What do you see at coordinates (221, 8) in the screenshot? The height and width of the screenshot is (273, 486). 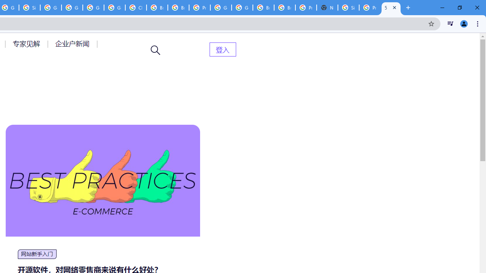 I see `'Google Cloud Platform'` at bounding box center [221, 8].